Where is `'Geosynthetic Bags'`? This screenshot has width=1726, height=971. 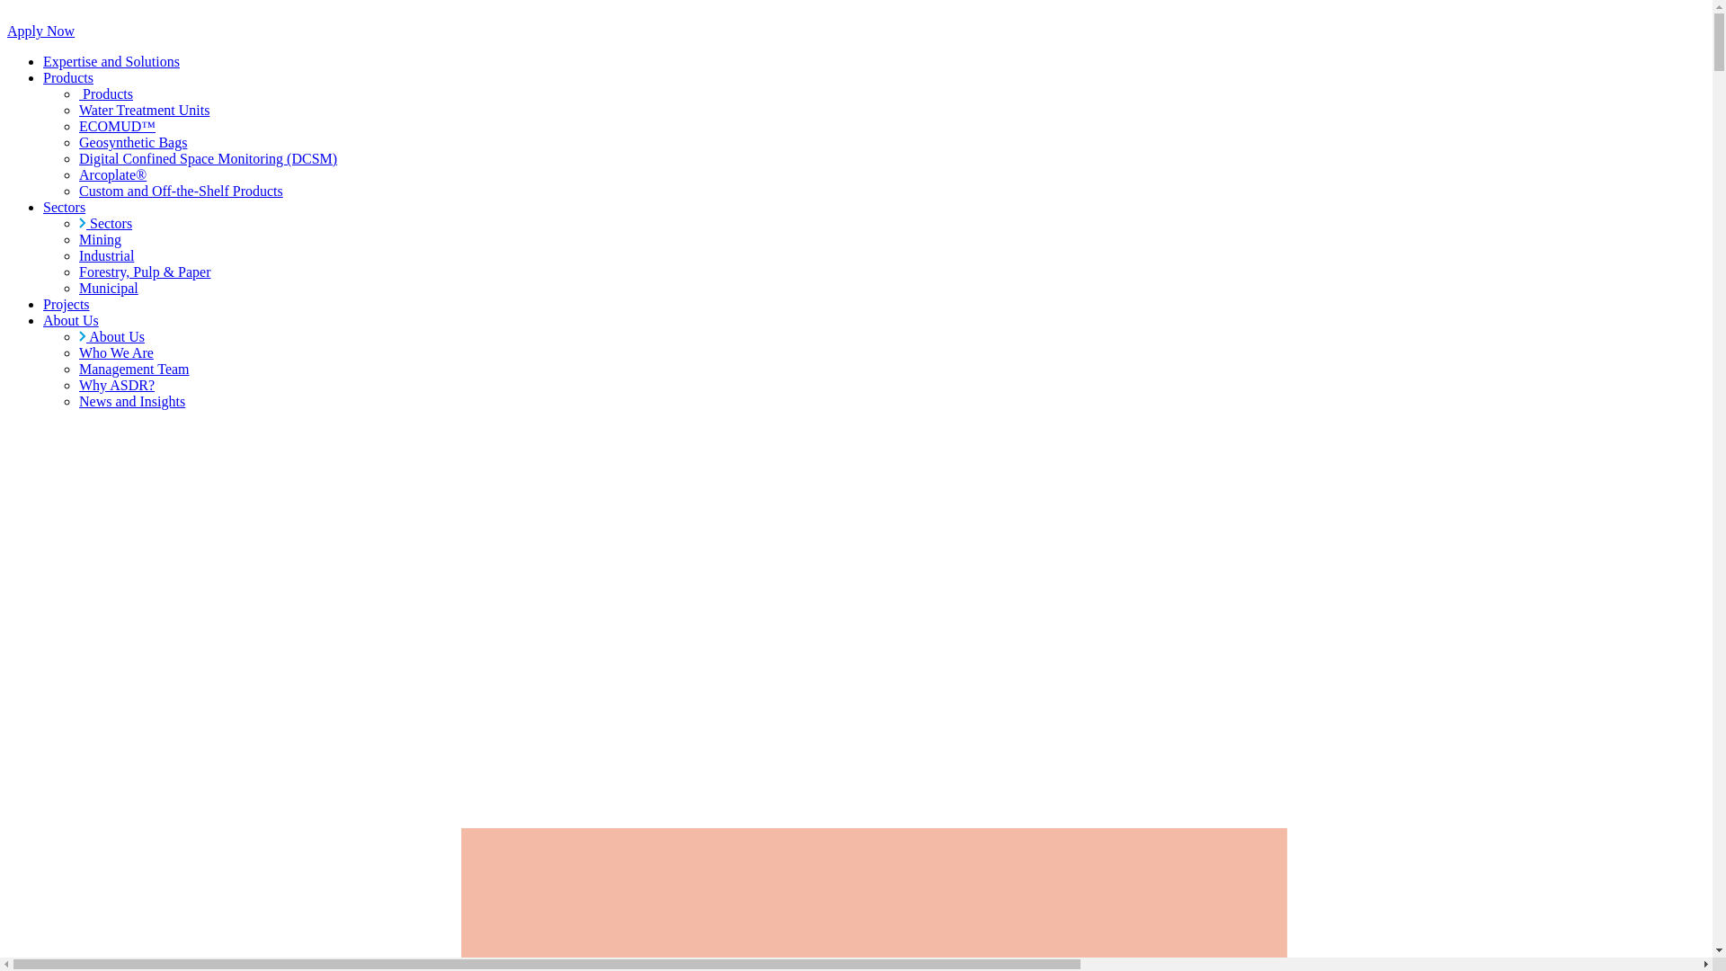 'Geosynthetic Bags' is located at coordinates (77, 141).